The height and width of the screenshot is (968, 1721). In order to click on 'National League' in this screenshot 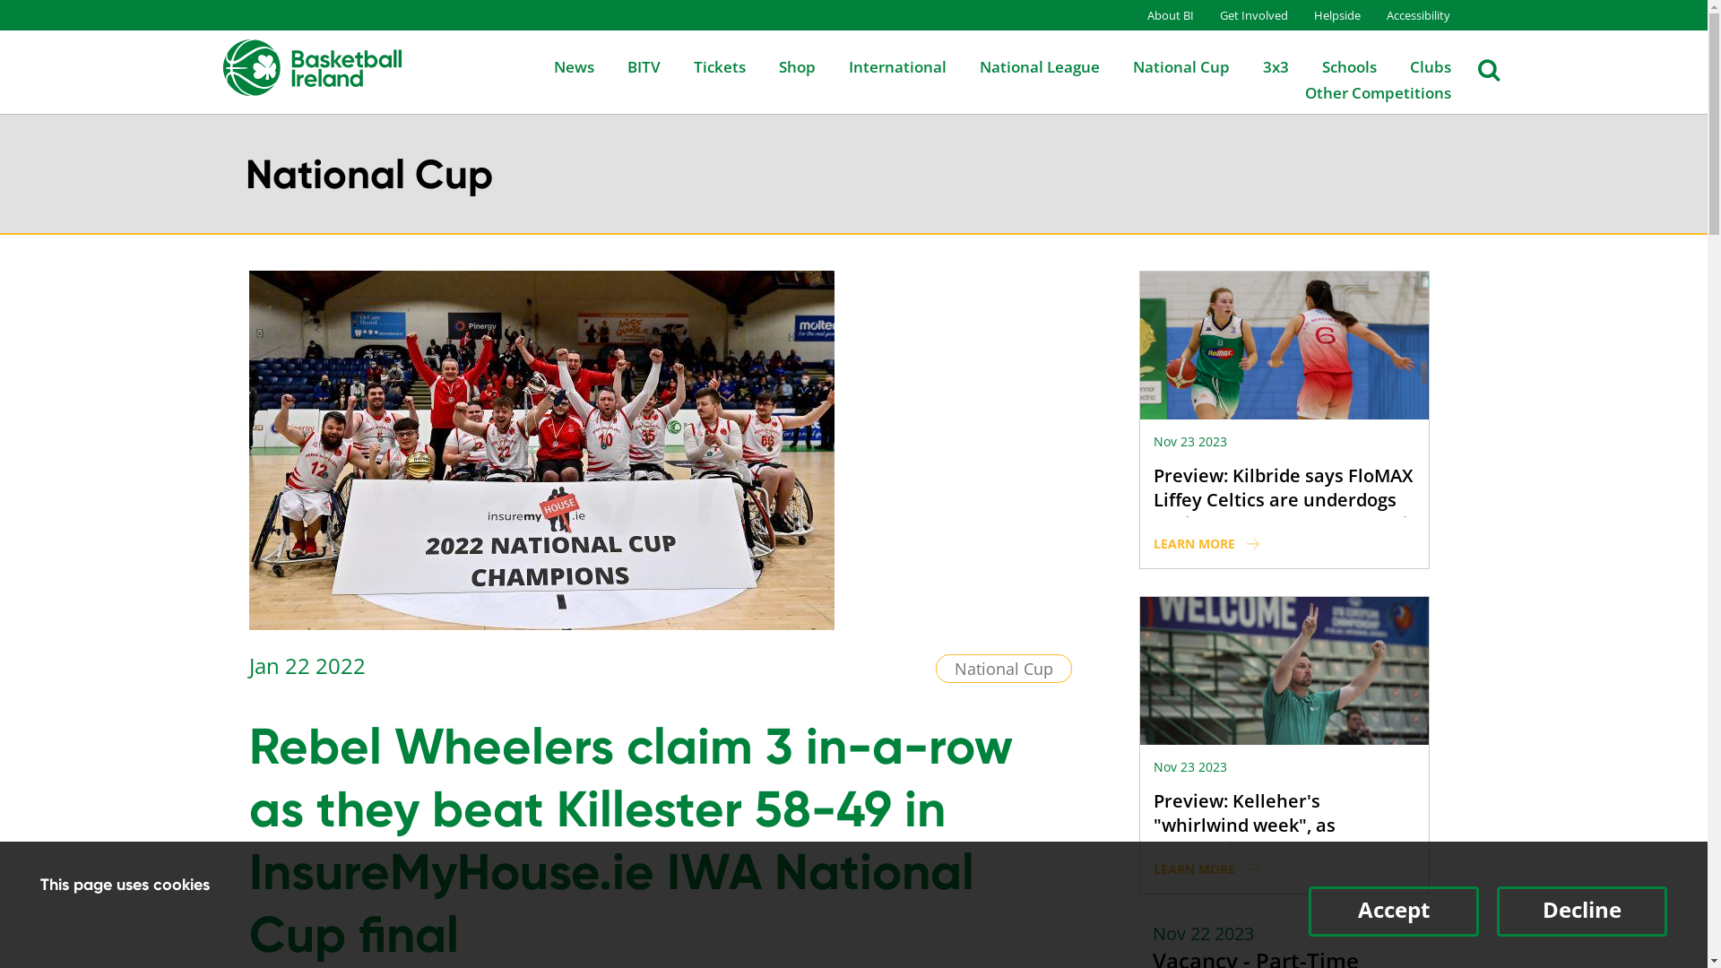, I will do `click(1024, 65)`.